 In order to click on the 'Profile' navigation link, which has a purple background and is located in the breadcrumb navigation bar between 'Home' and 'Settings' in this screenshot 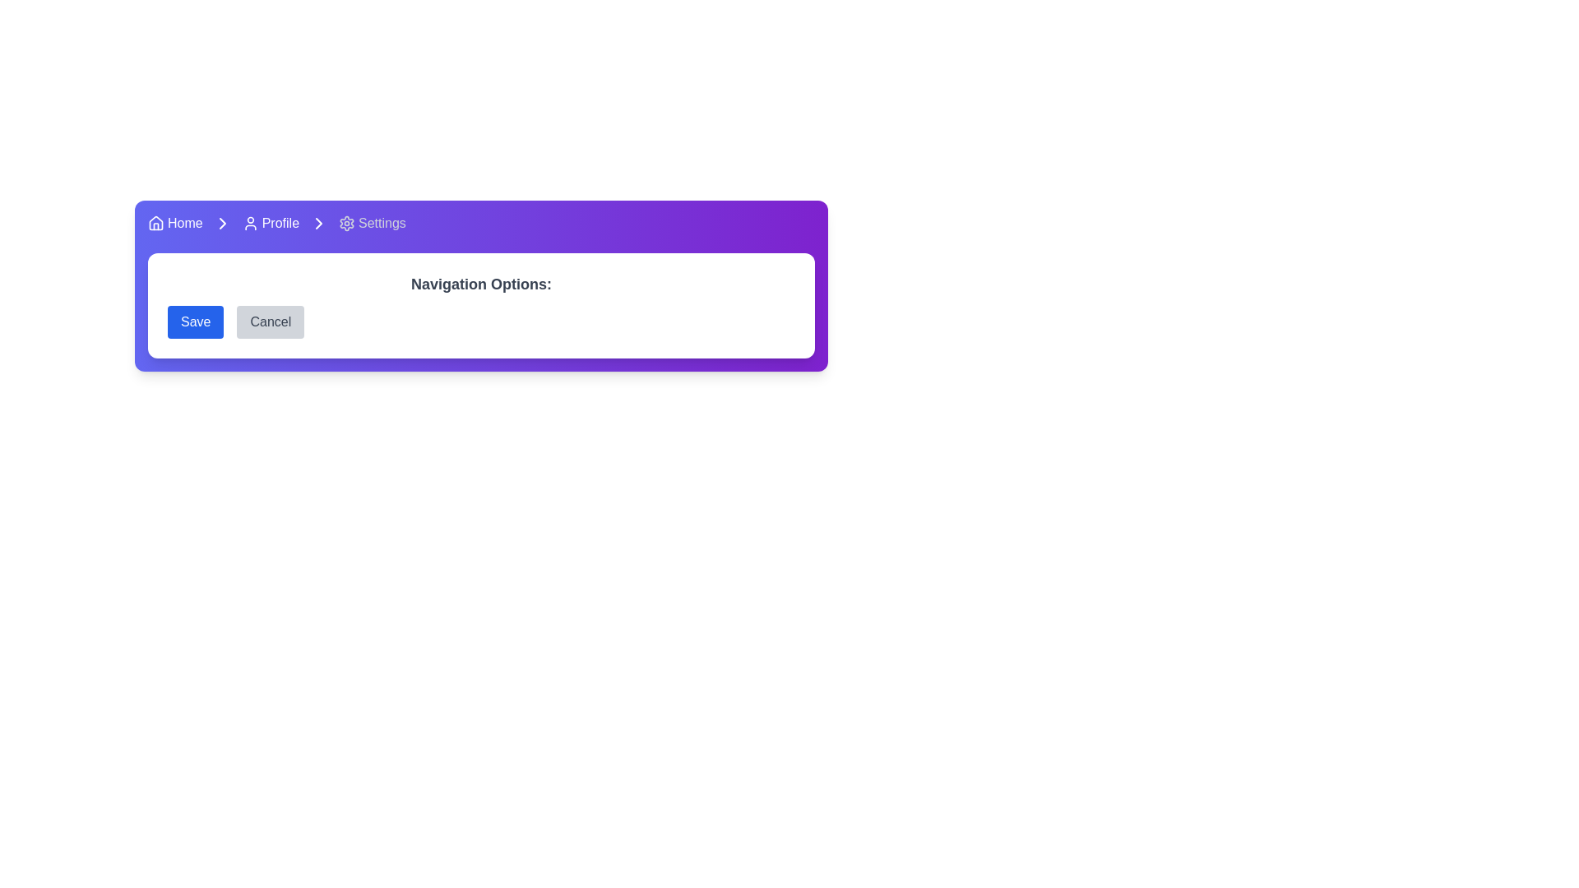, I will do `click(271, 224)`.